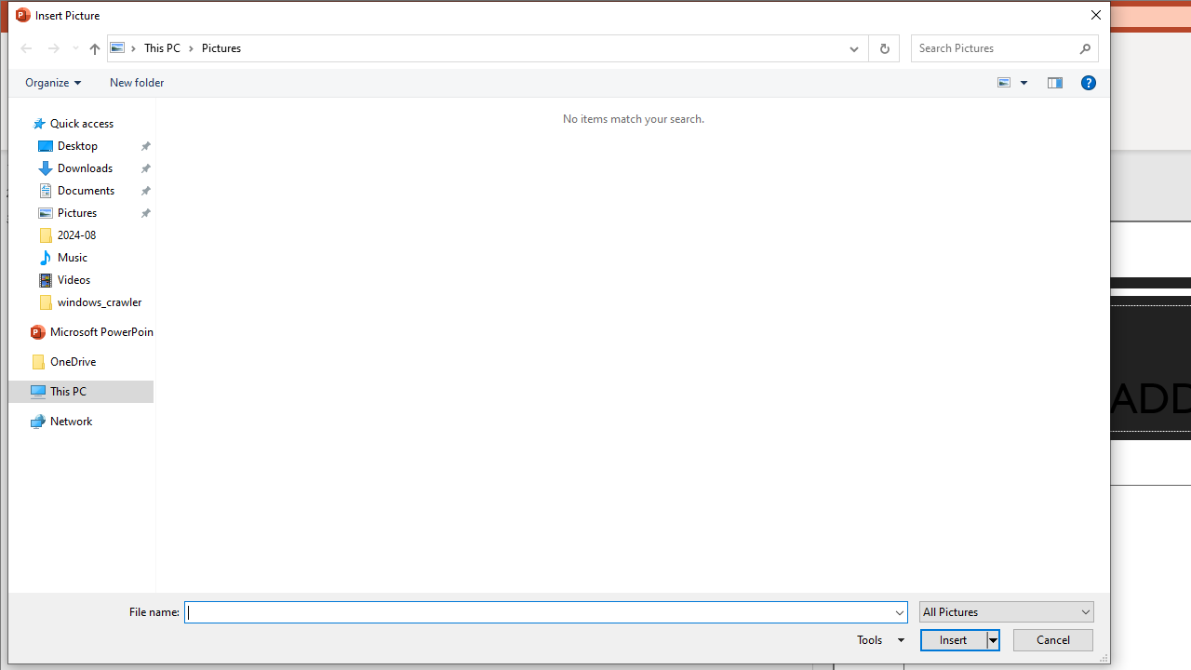  Describe the element at coordinates (1006, 611) in the screenshot. I see `'Files of type:'` at that location.